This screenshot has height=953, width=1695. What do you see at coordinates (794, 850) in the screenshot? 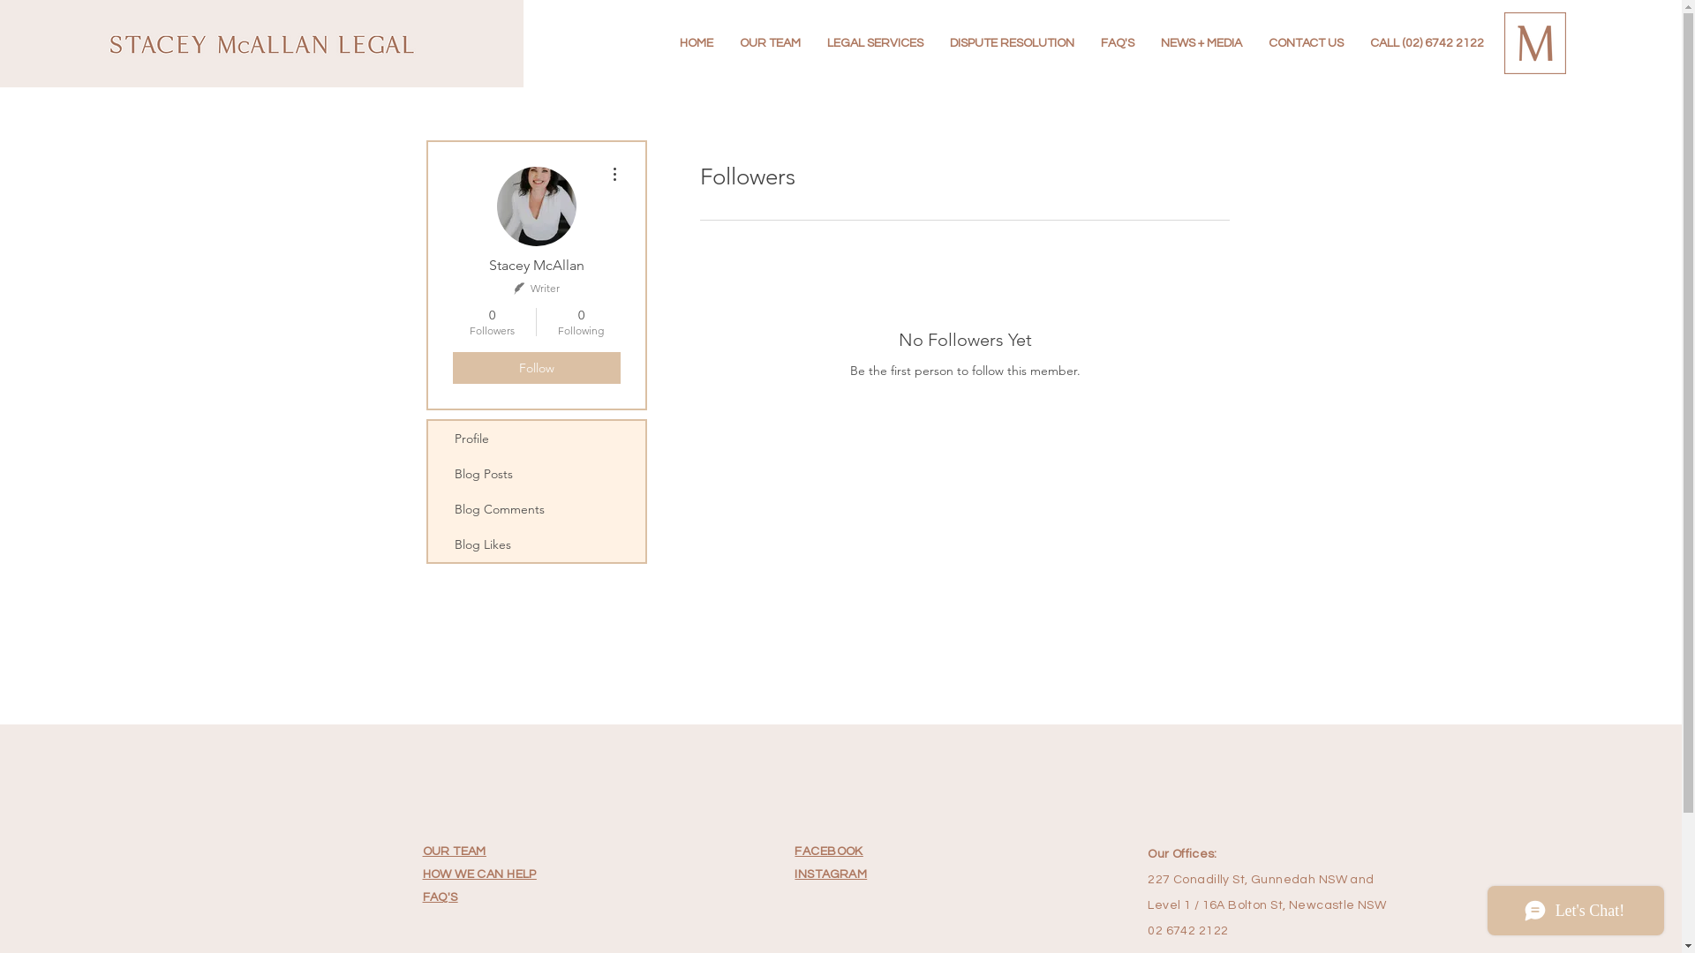
I see `'FACEBOOK'` at bounding box center [794, 850].